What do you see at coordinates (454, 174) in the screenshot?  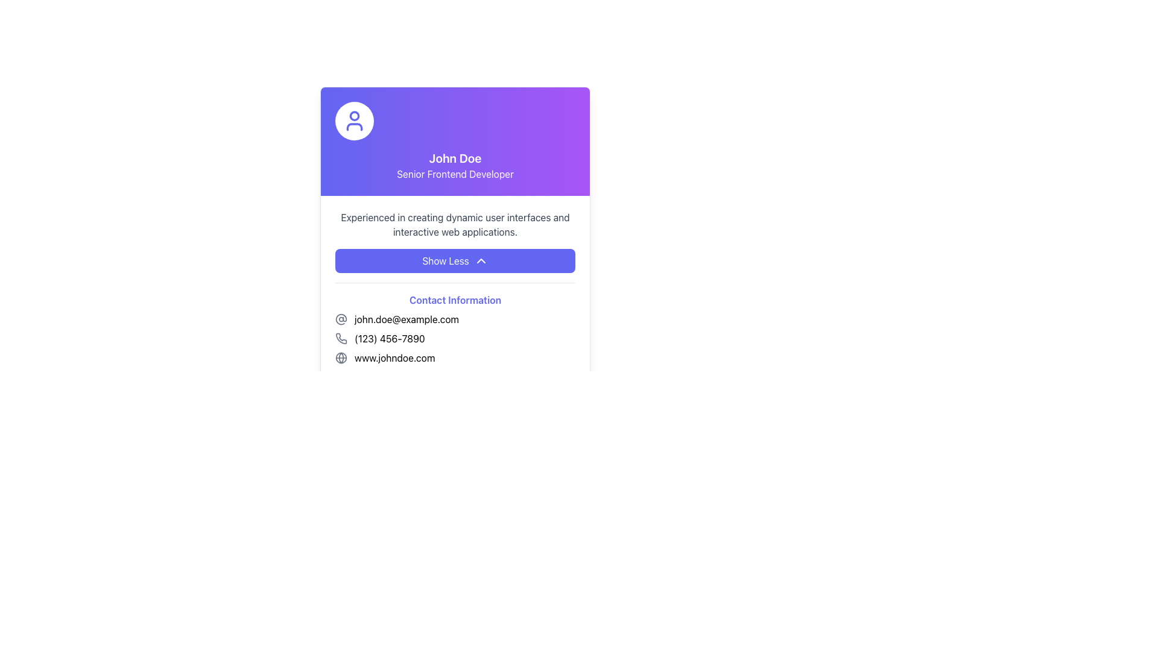 I see `the Text Label that designates the job title of the individual named 'John Doe', located below his name within the purple gradient background` at bounding box center [454, 174].